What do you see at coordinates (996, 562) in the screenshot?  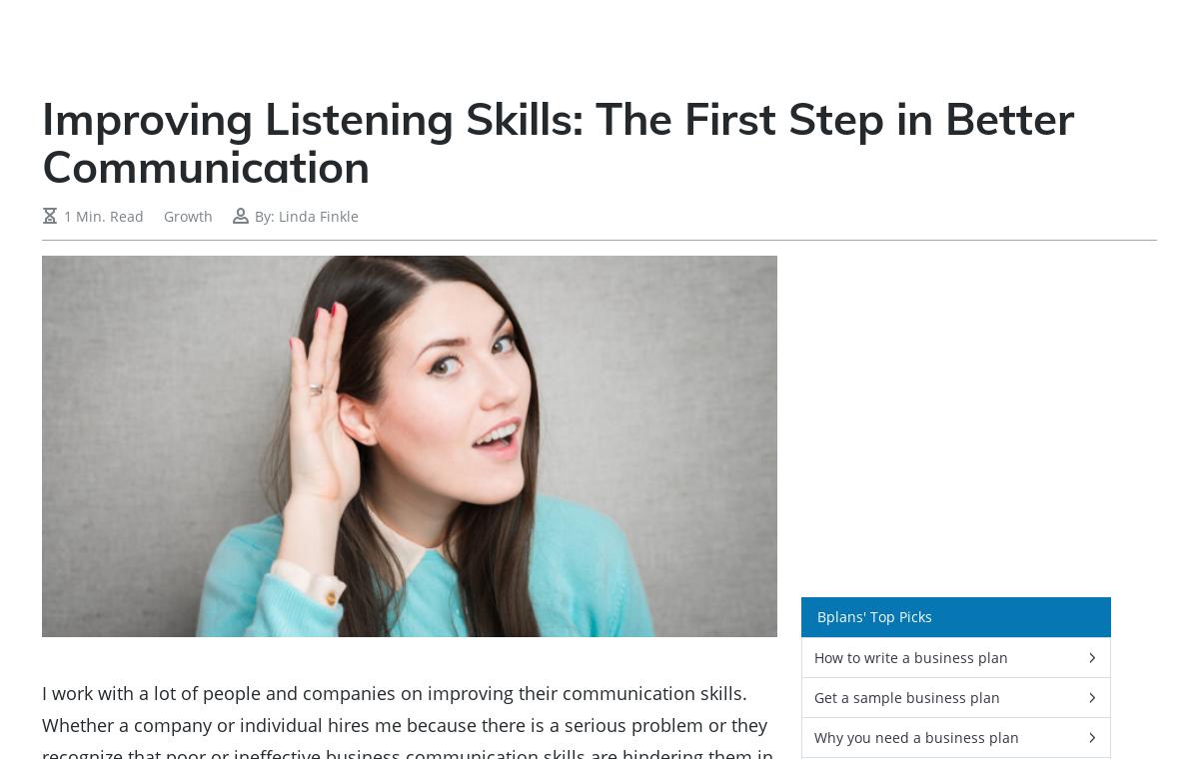 I see `'All the Insights You Need to Help Your Business Succeed'` at bounding box center [996, 562].